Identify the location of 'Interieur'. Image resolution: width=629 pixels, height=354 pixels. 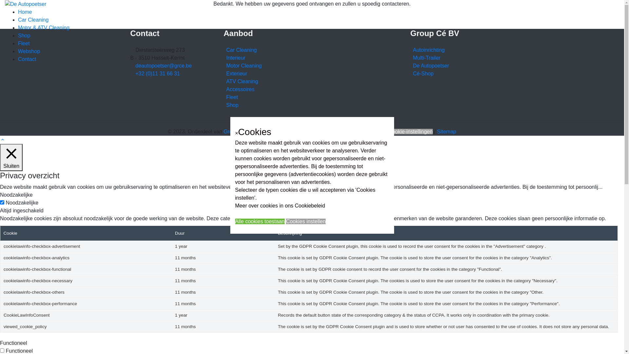
(234, 57).